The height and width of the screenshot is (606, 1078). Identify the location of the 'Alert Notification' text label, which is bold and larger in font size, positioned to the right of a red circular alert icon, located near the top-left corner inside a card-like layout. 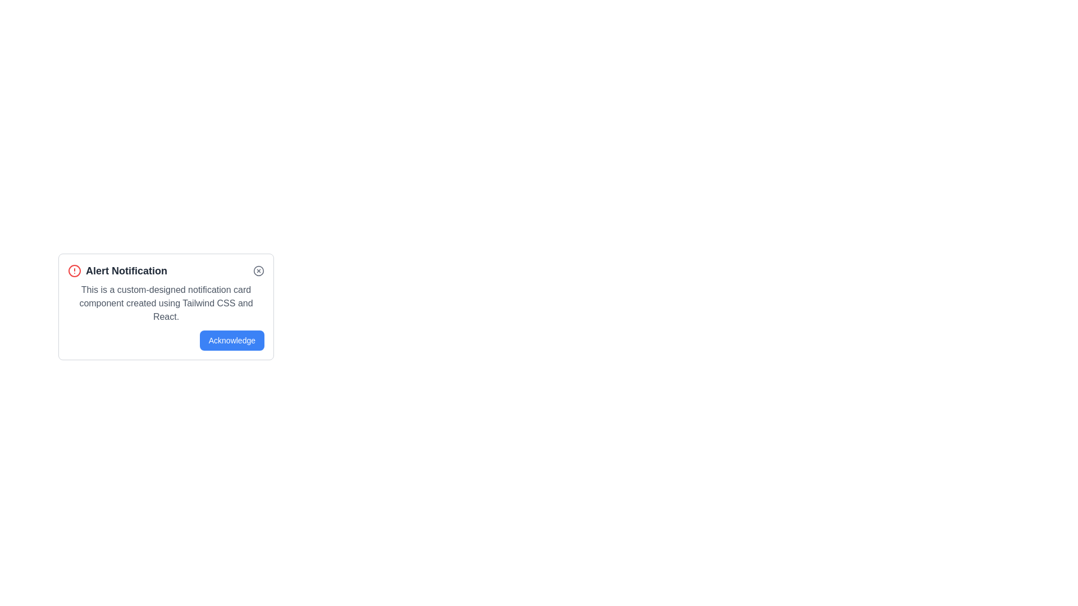
(117, 270).